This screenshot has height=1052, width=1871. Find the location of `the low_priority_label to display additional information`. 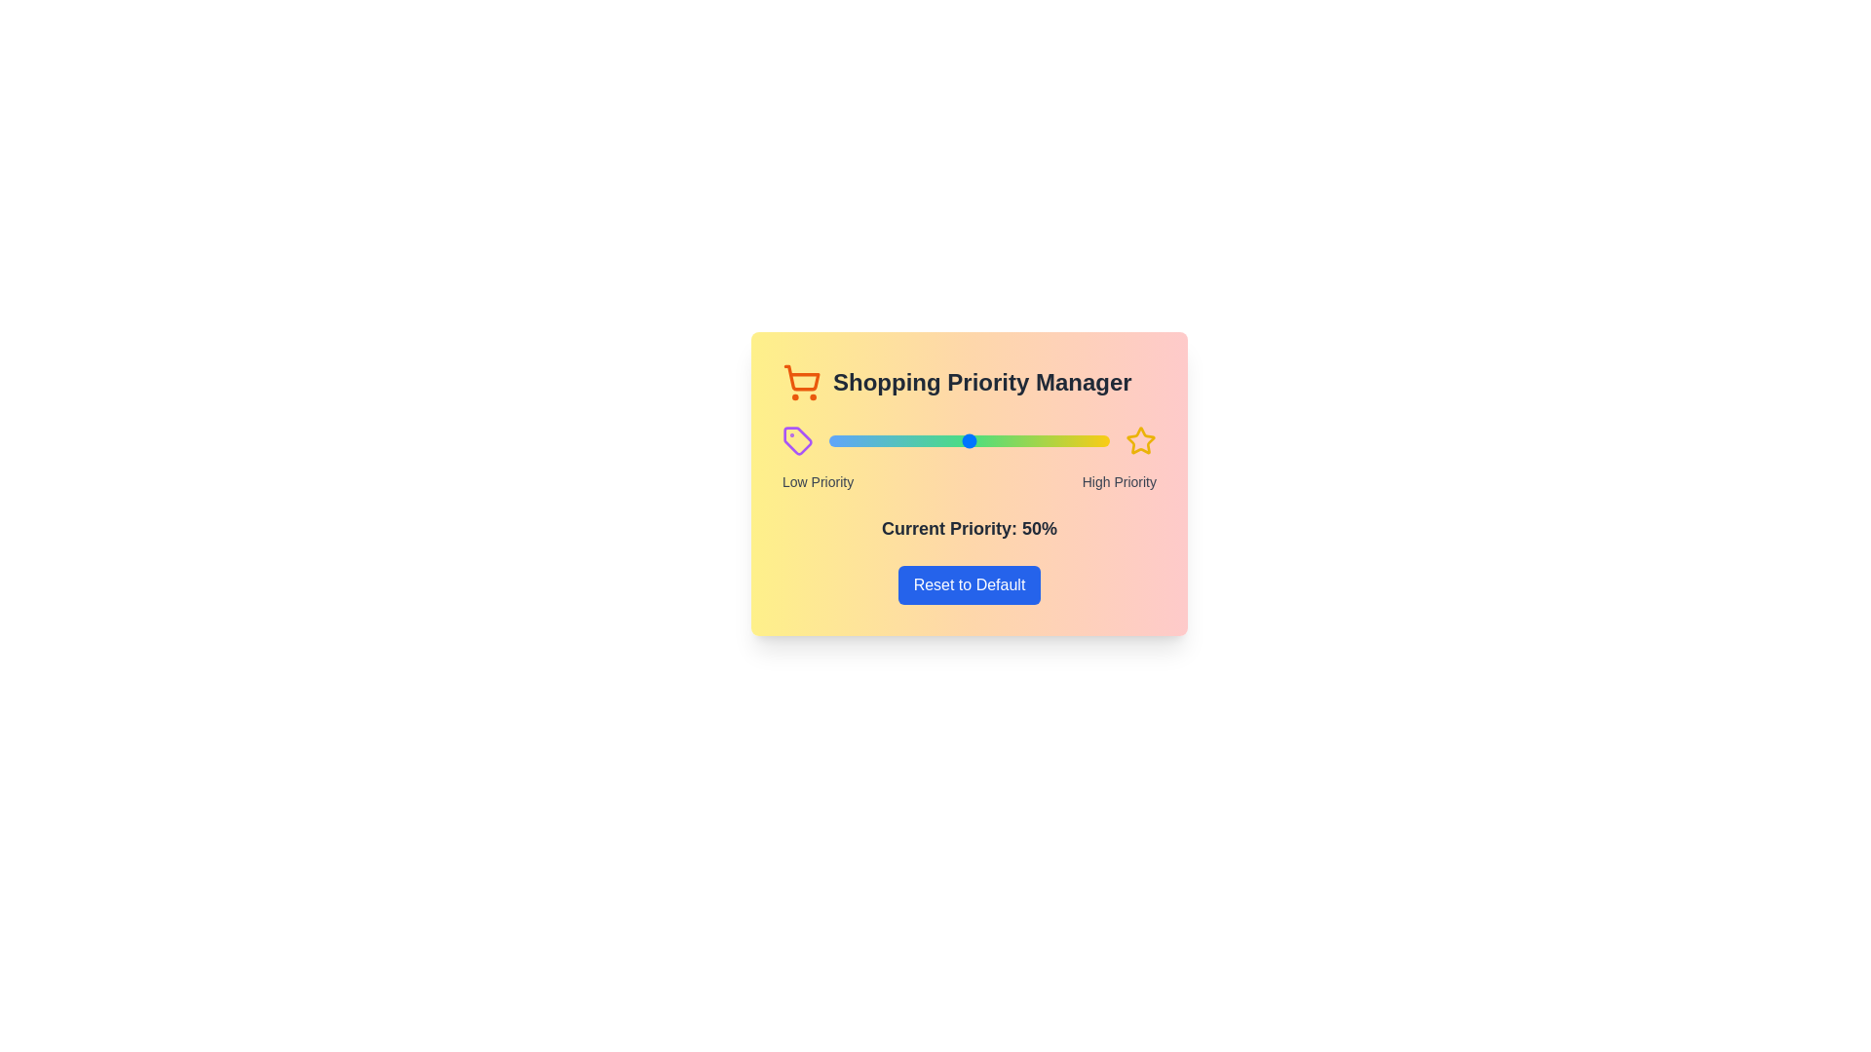

the low_priority_label to display additional information is located at coordinates (818, 481).